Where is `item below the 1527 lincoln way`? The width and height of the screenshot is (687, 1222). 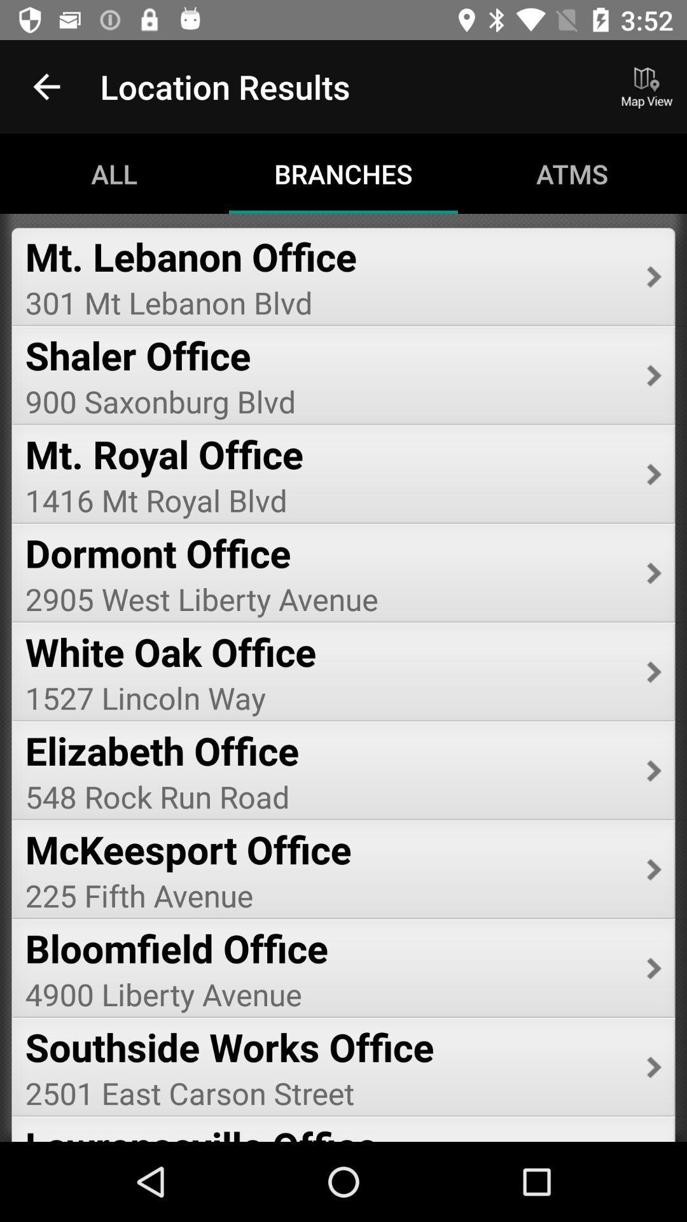 item below the 1527 lincoln way is located at coordinates (326, 750).